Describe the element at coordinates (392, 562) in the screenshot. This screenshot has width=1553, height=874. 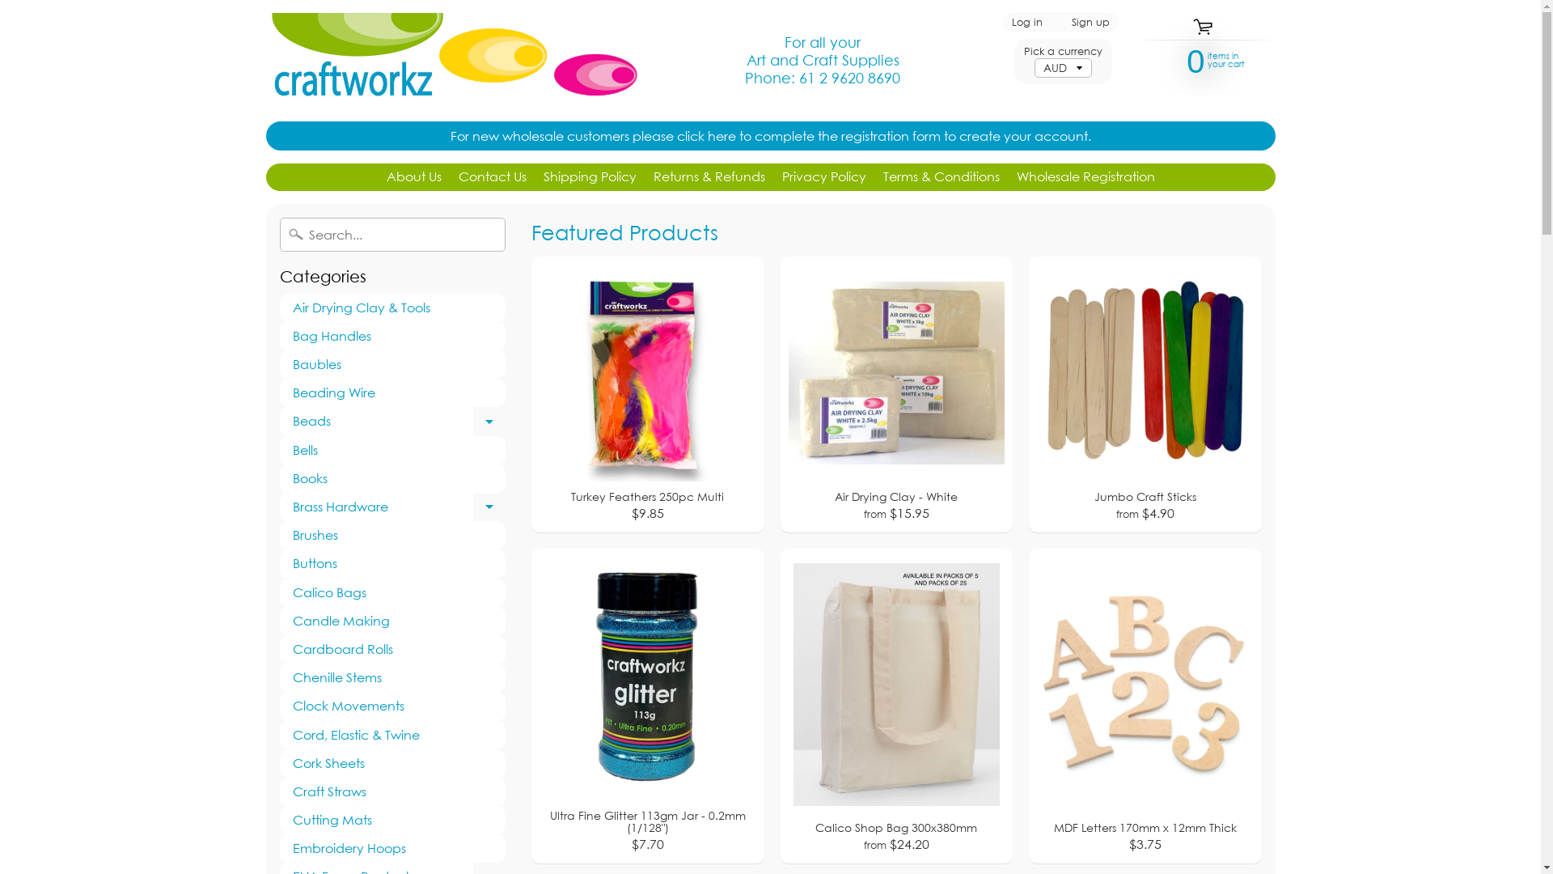
I see `'Buttons'` at that location.